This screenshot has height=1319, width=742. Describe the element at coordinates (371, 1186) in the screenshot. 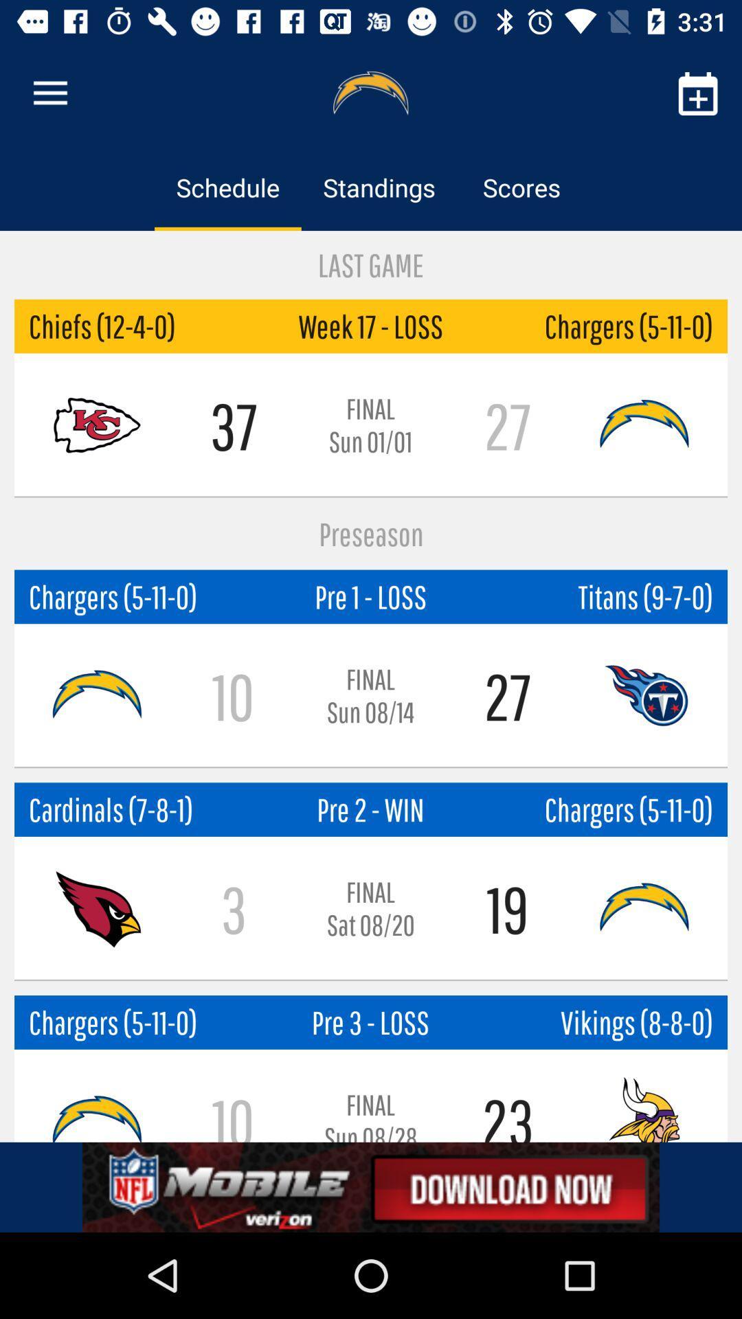

I see `downloads app` at that location.